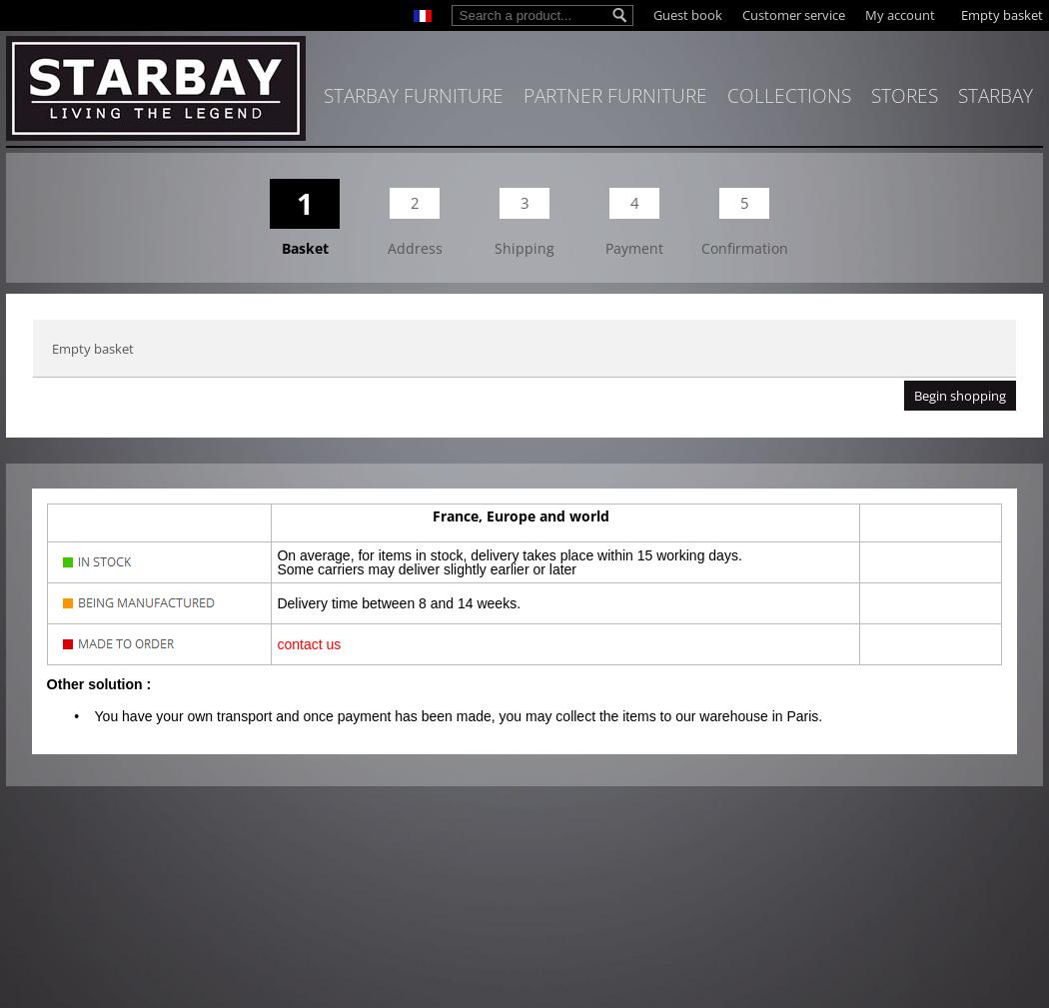 The height and width of the screenshot is (1008, 1049). What do you see at coordinates (868, 134) in the screenshot?
I see `'News'` at bounding box center [868, 134].